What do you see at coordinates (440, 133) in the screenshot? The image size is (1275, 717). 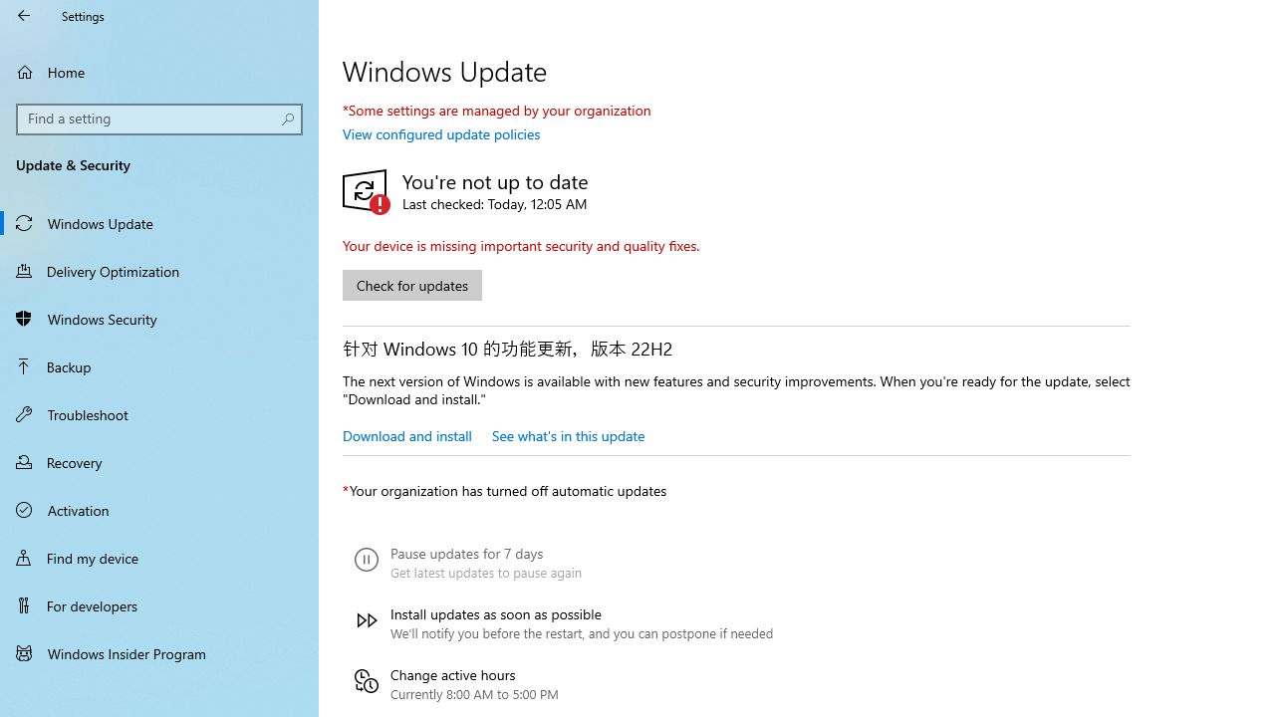 I see `'View configured update policies'` at bounding box center [440, 133].